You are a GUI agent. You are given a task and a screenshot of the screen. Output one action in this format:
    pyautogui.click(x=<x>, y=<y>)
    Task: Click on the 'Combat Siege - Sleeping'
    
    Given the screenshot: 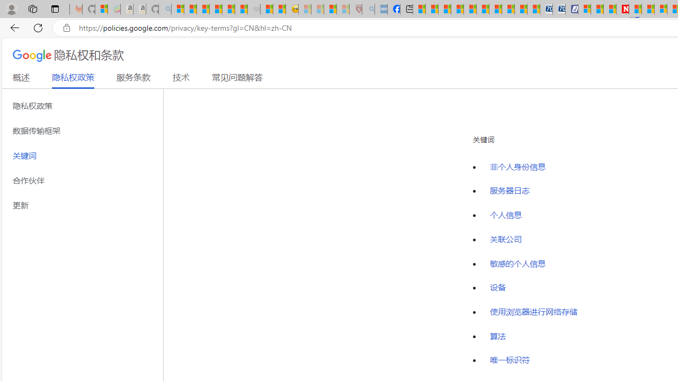 What is the action you would take?
    pyautogui.click(x=254, y=9)
    